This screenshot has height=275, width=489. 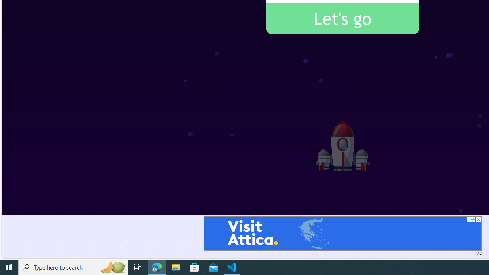 What do you see at coordinates (478, 219) in the screenshot?
I see `'AutomationID: cbb'` at bounding box center [478, 219].